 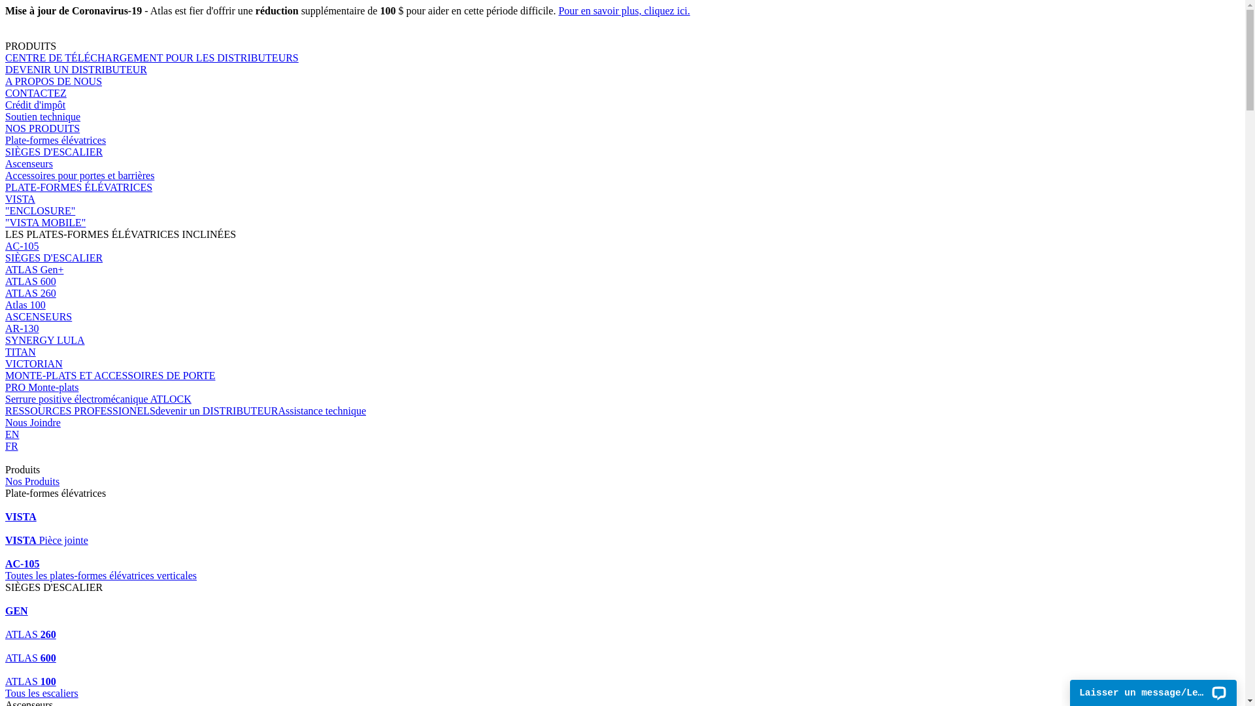 What do you see at coordinates (623, 10) in the screenshot?
I see `'Pour en savoir plus, cliquez ici.'` at bounding box center [623, 10].